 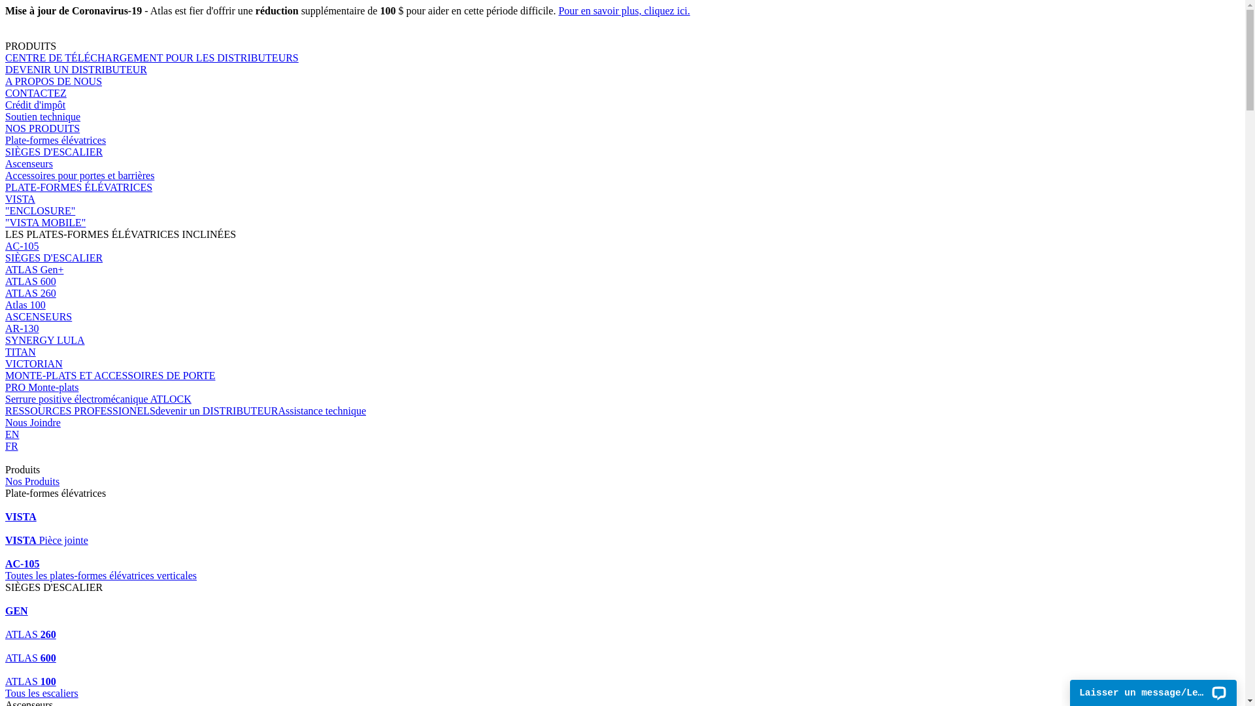 What do you see at coordinates (623, 10) in the screenshot?
I see `'Pour en savoir plus, cliquez ici.'` at bounding box center [623, 10].